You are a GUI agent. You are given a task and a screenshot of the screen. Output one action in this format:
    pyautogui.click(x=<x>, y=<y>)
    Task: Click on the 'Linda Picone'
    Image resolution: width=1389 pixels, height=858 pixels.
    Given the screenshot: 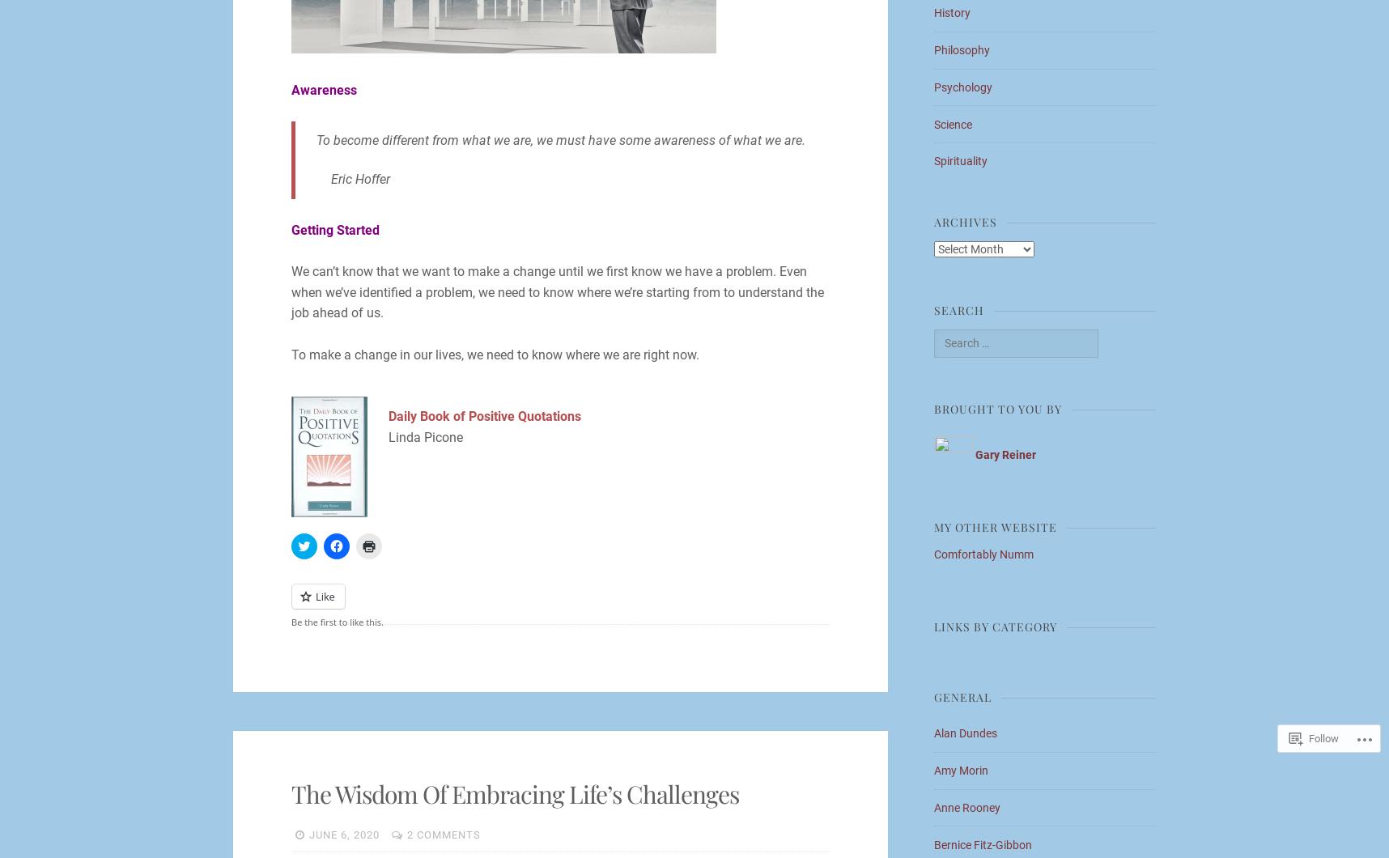 What is the action you would take?
    pyautogui.click(x=423, y=436)
    